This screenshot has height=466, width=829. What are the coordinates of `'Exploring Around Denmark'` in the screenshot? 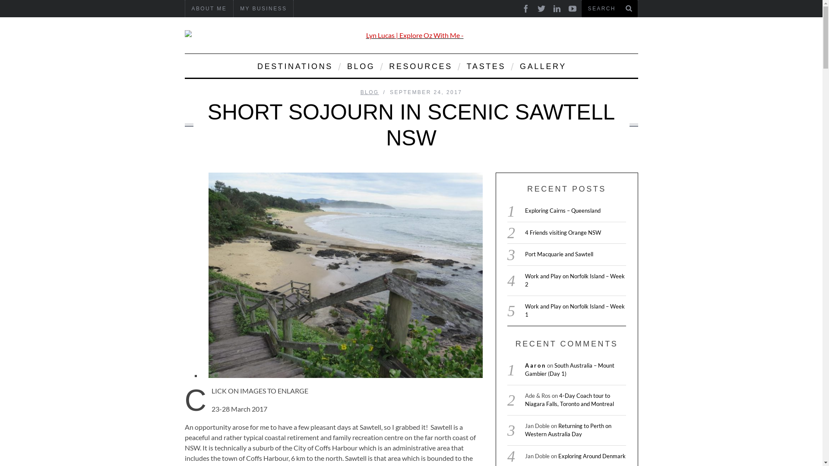 It's located at (592, 455).